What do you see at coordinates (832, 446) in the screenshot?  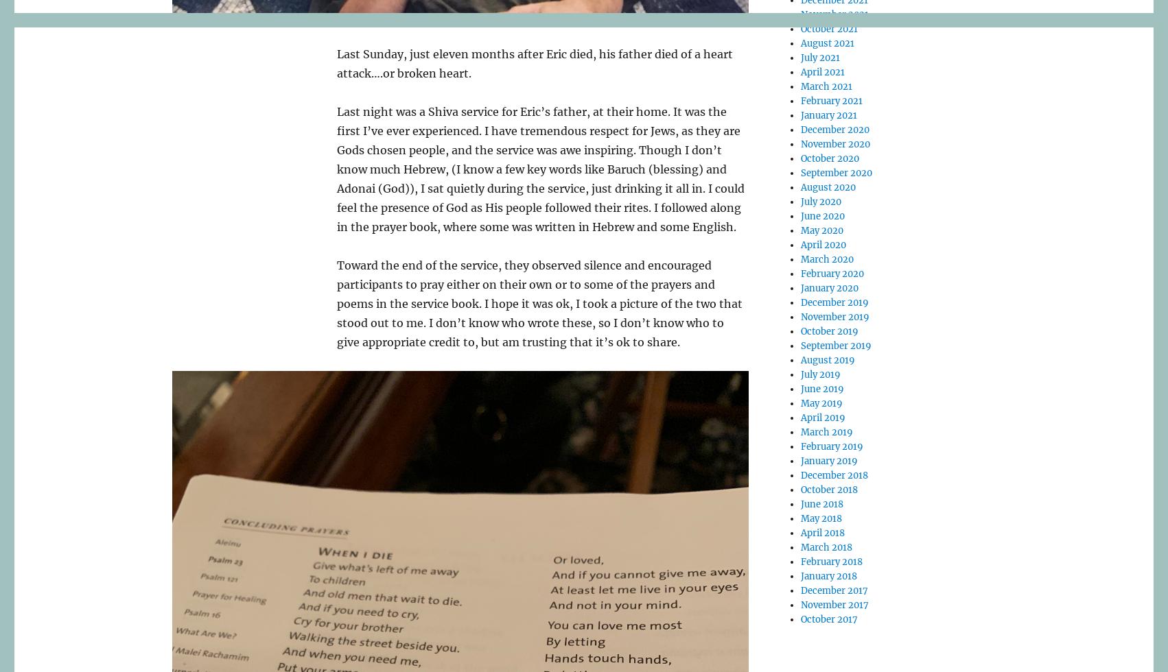 I see `'February 2019'` at bounding box center [832, 446].